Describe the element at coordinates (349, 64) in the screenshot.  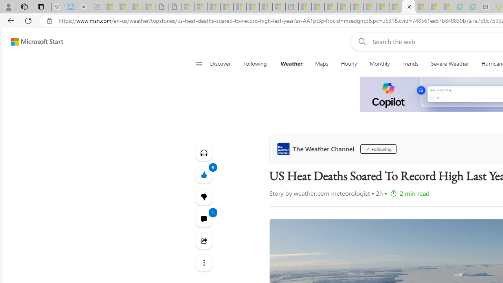
I see `'Hourly'` at that location.